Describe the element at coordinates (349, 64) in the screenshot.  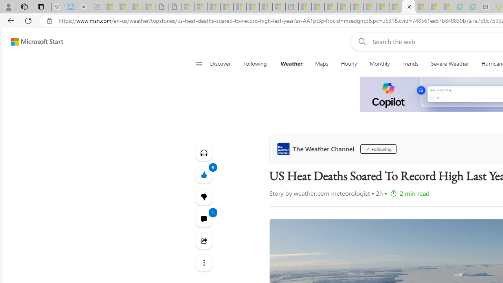
I see `'Hourly'` at that location.